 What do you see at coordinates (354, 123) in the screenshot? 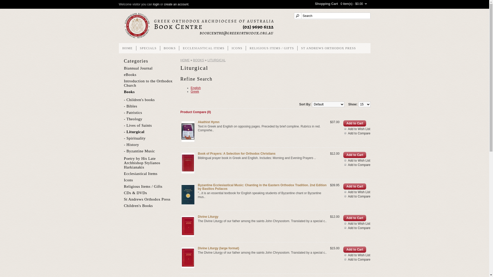
I see `'Add to Cart'` at bounding box center [354, 123].